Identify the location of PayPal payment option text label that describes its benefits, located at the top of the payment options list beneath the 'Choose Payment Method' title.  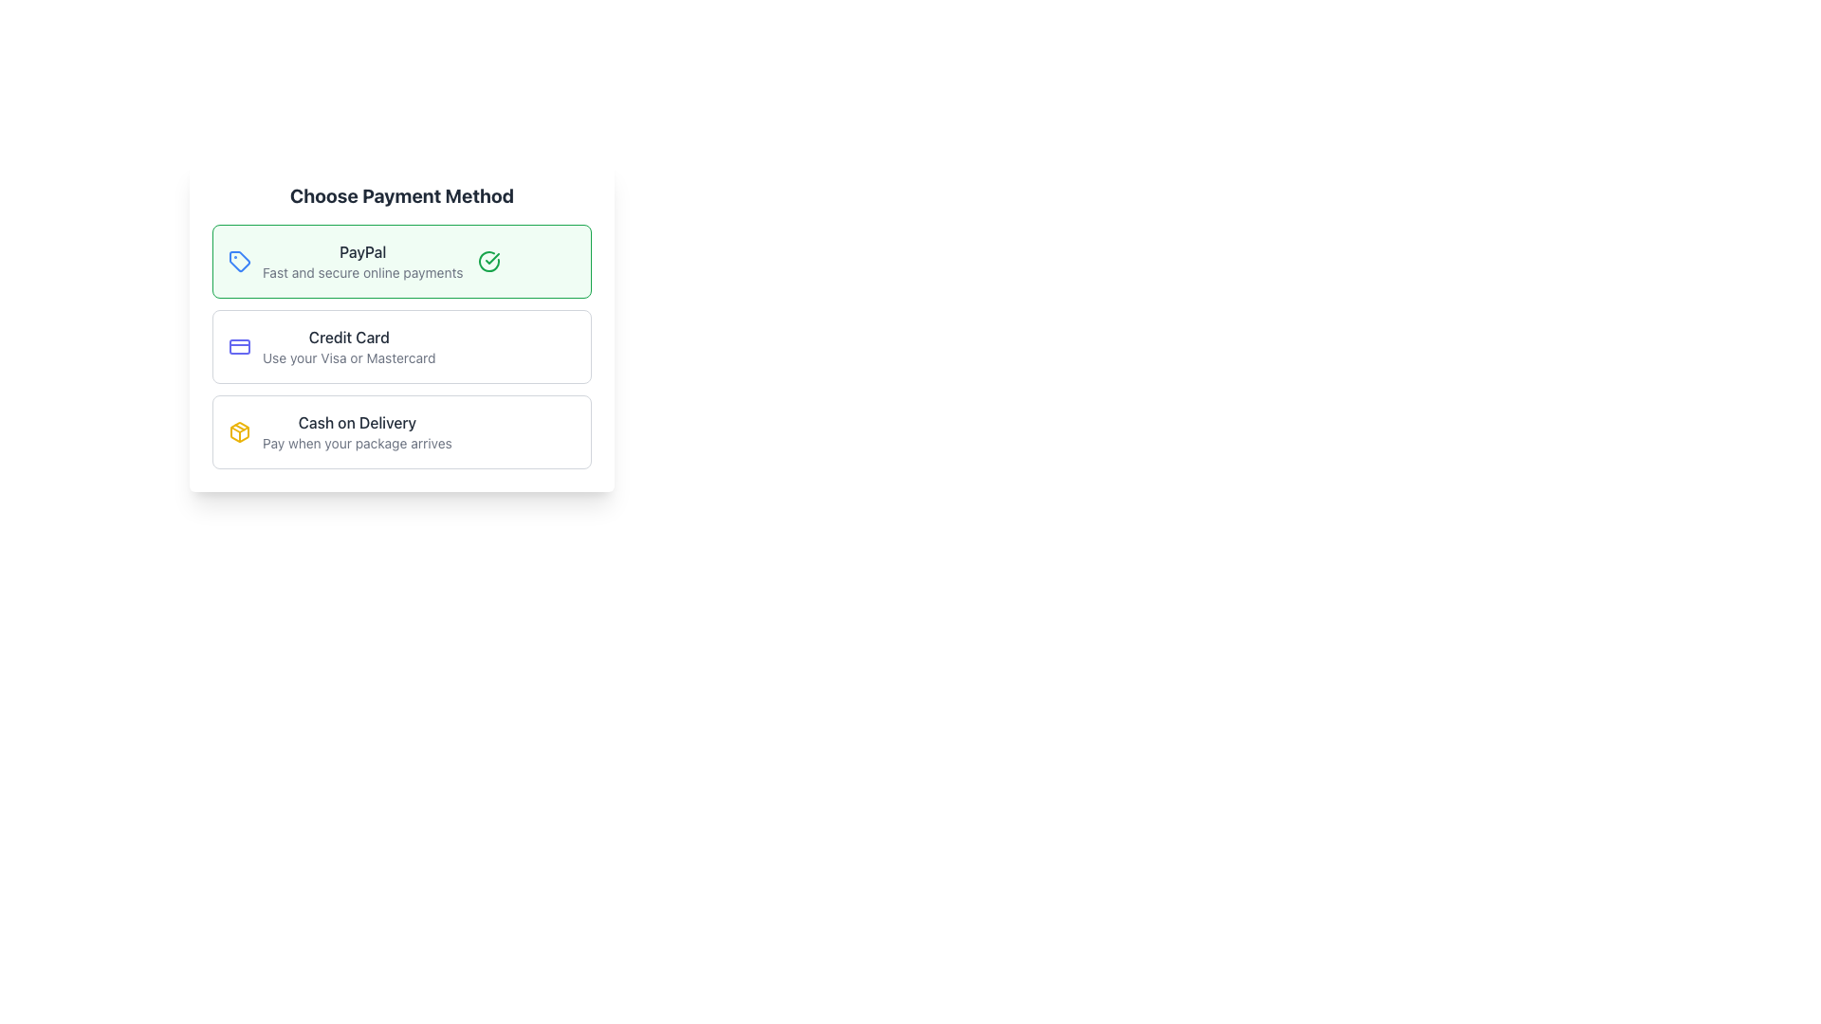
(362, 262).